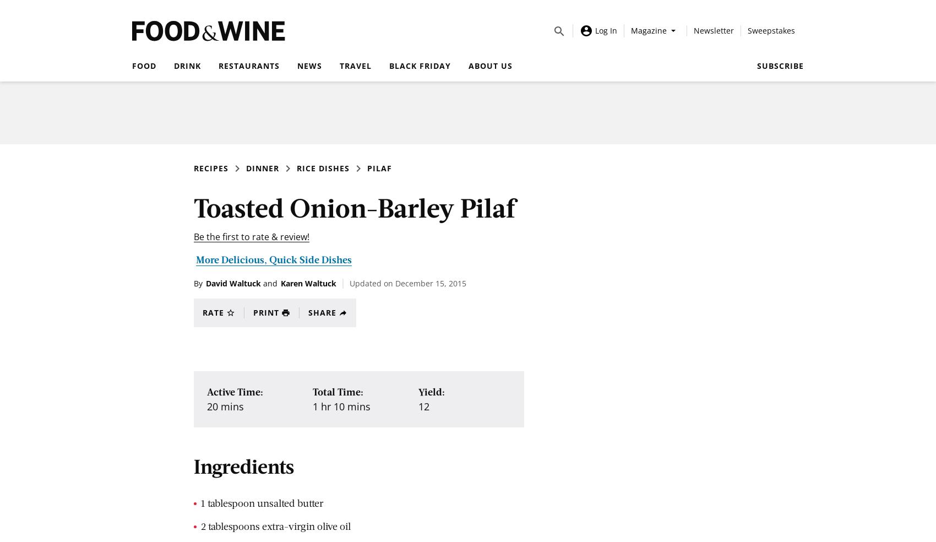  What do you see at coordinates (419, 65) in the screenshot?
I see `'Black Friday'` at bounding box center [419, 65].